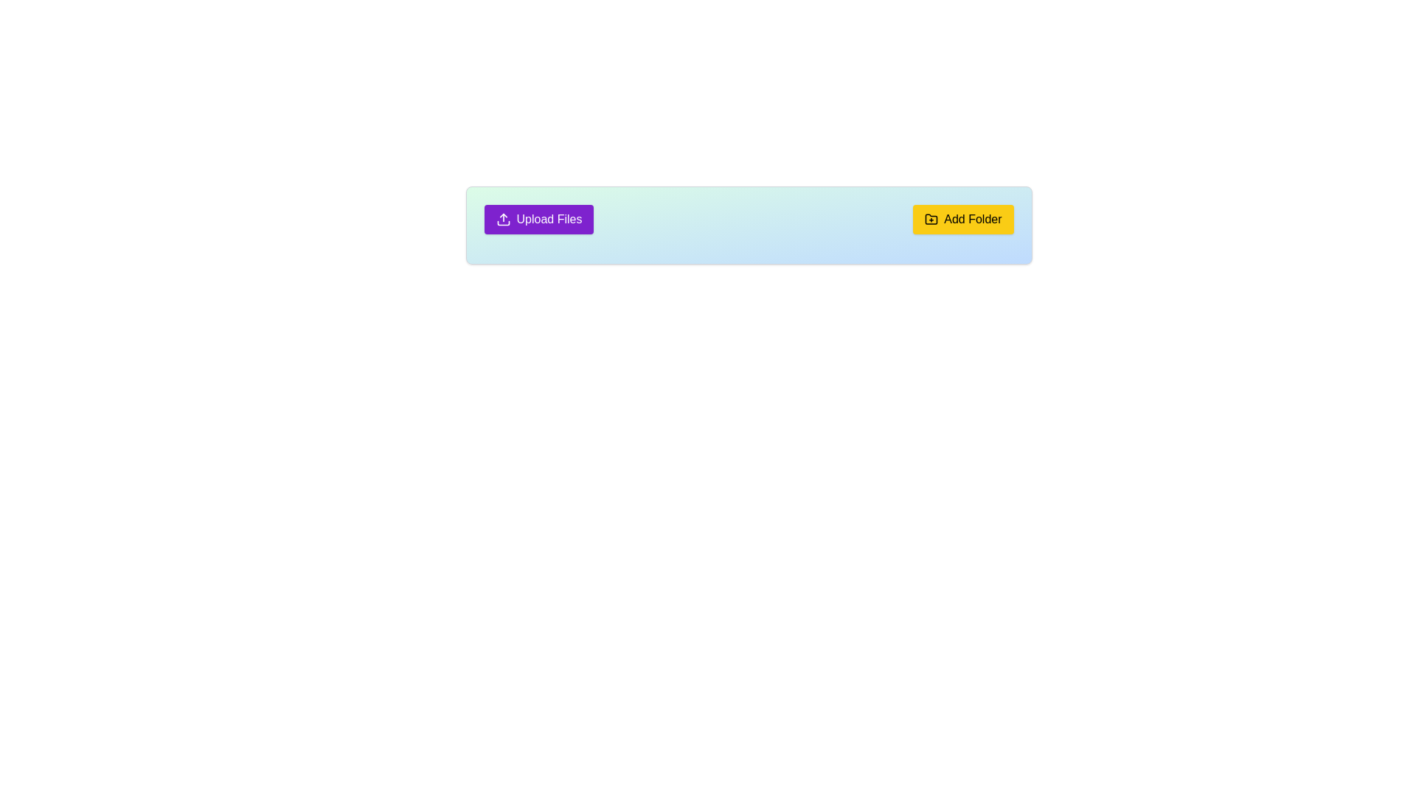 Image resolution: width=1416 pixels, height=796 pixels. What do you see at coordinates (538, 219) in the screenshot?
I see `the rectangular purple button labeled 'Upload Files'` at bounding box center [538, 219].